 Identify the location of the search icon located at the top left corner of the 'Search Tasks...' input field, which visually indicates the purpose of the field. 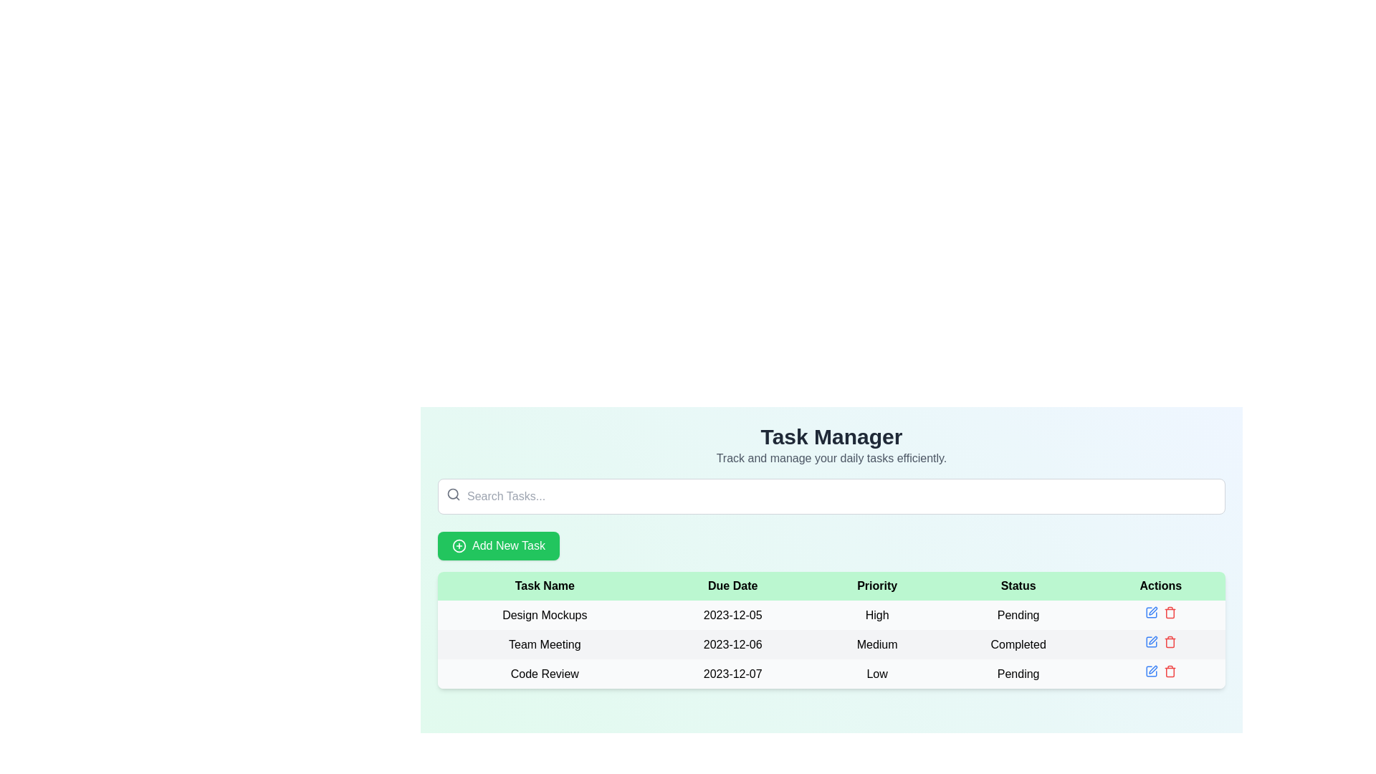
(453, 494).